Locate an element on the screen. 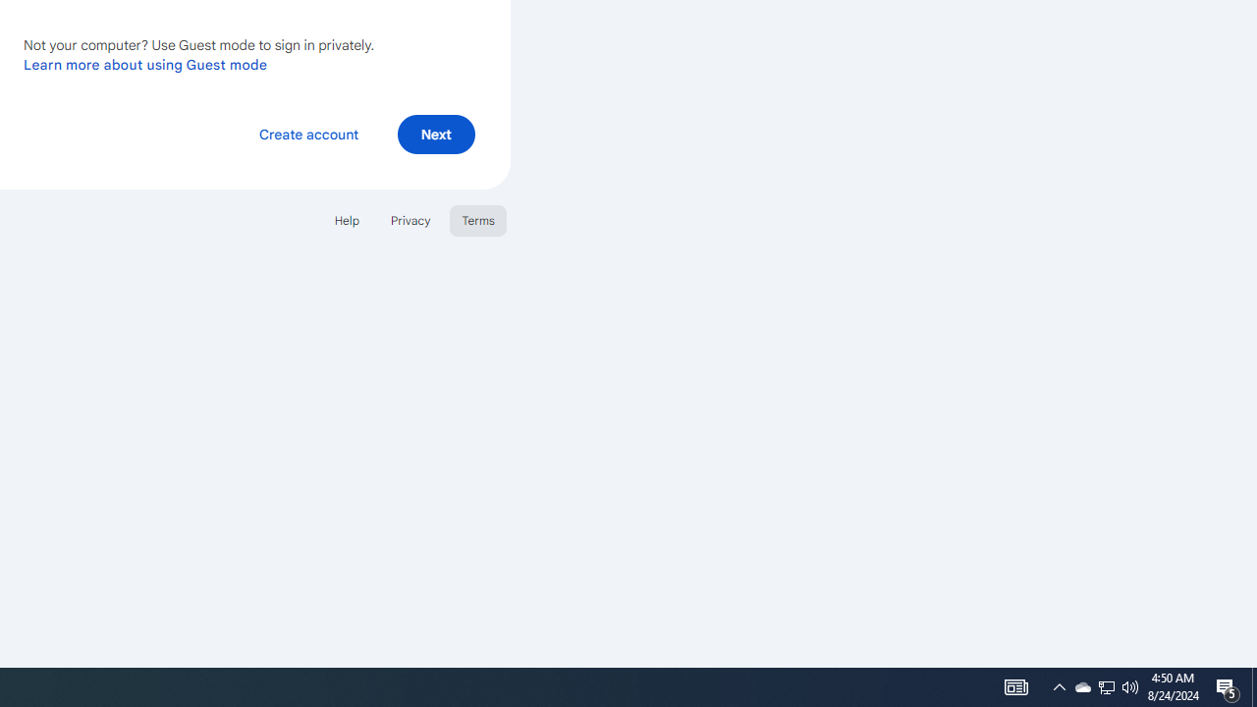 This screenshot has height=707, width=1257. 'Next' is located at coordinates (435, 133).